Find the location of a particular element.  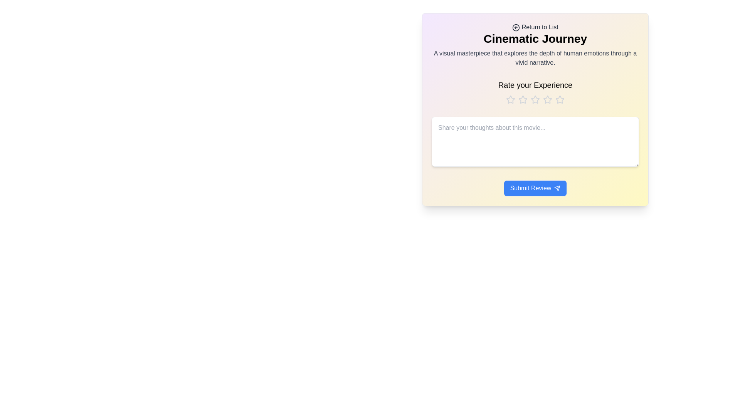

the multi-line text input field for entering thoughts or feedback by pressing the Tab key is located at coordinates (535, 141).